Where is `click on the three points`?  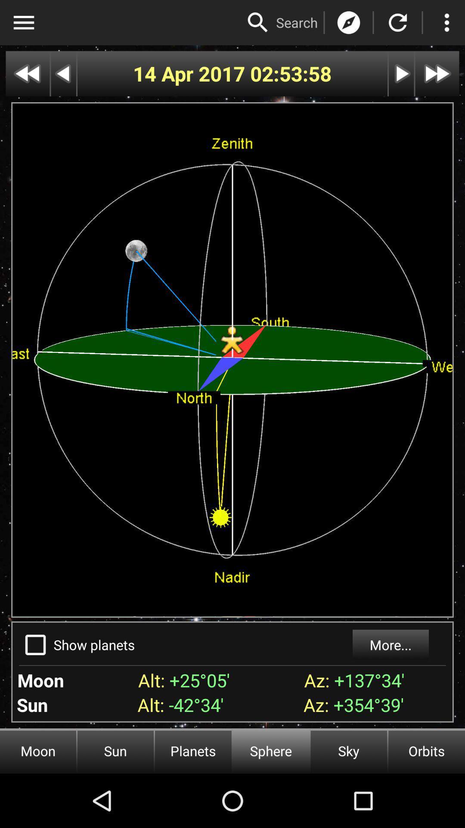 click on the three points is located at coordinates (446, 22).